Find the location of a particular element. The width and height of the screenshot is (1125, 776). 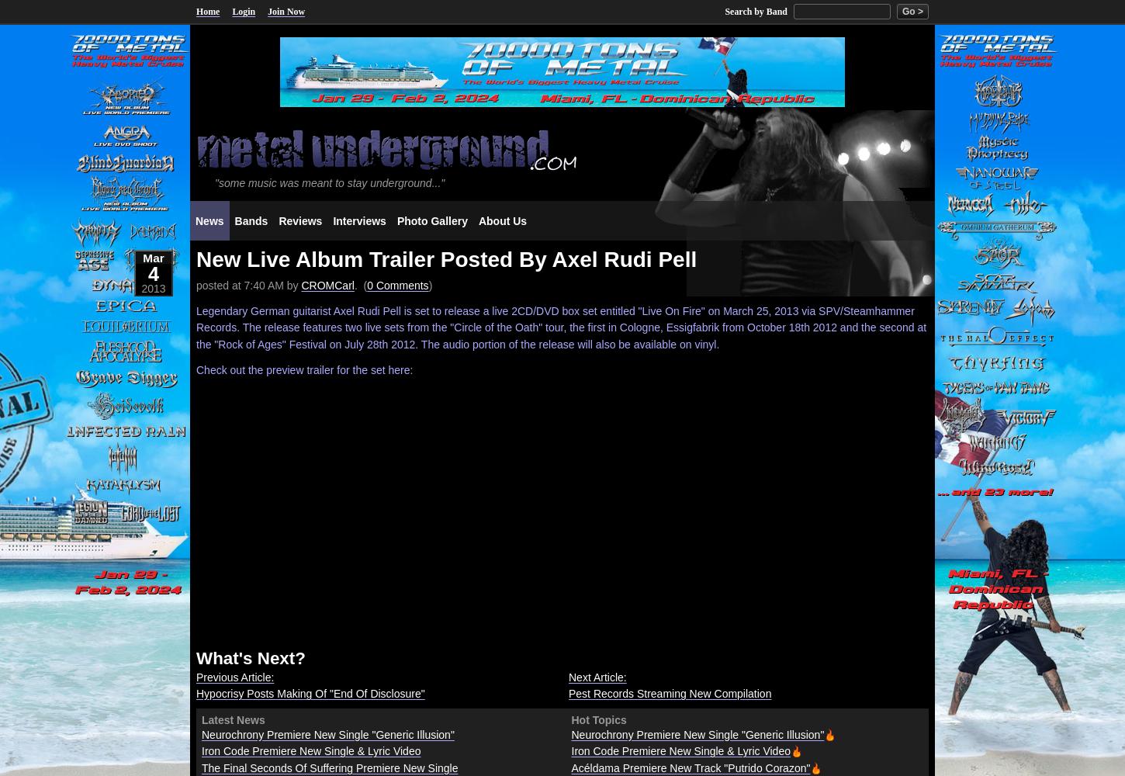

'Join Now' is located at coordinates (286, 12).